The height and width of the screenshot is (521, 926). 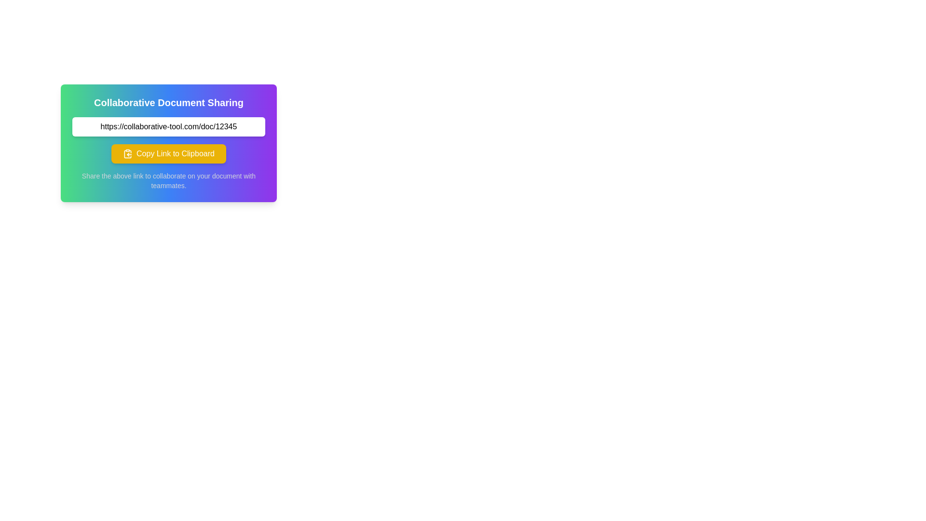 What do you see at coordinates (169, 180) in the screenshot?
I see `the static text block that provides informational guidance about using a link for collaboration purposes, located below the 'Copy Link to Clipboard' button` at bounding box center [169, 180].